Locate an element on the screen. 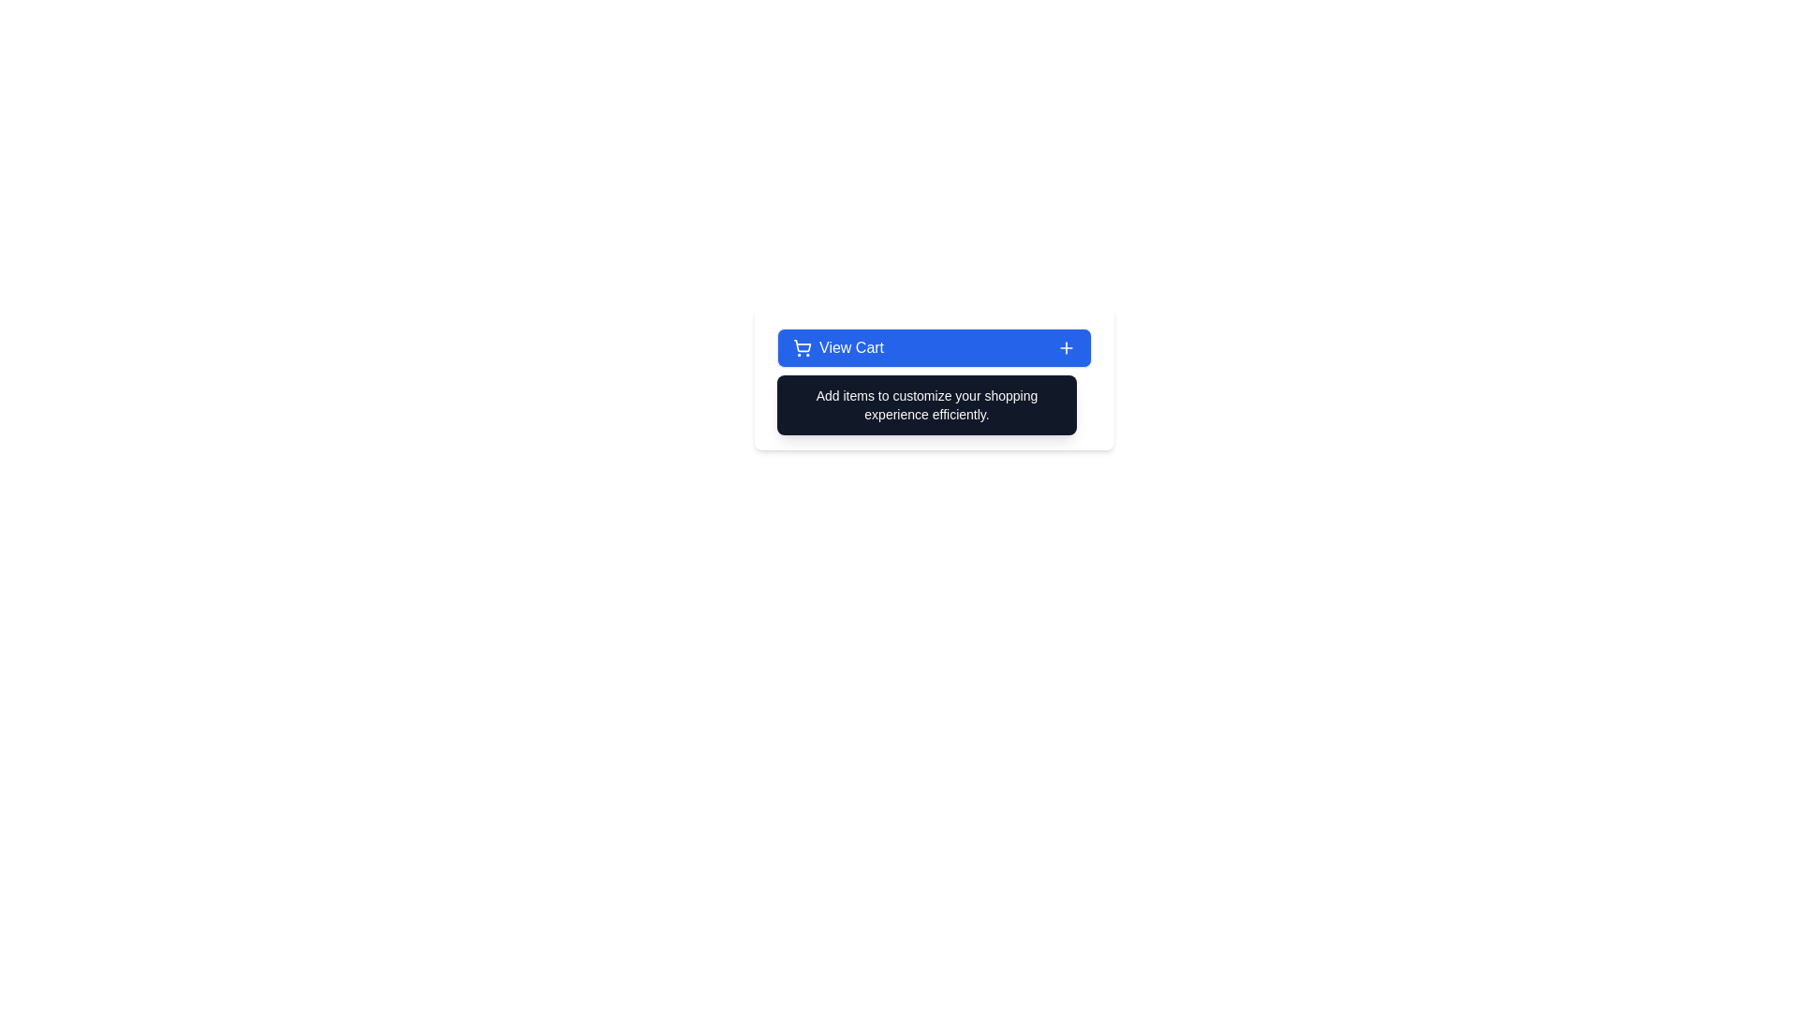 The image size is (1798, 1011). the shopping cart icon located to the left of the 'View Cart' button, which serves as a visual indicator for accessing the shopping cart is located at coordinates (803, 347).